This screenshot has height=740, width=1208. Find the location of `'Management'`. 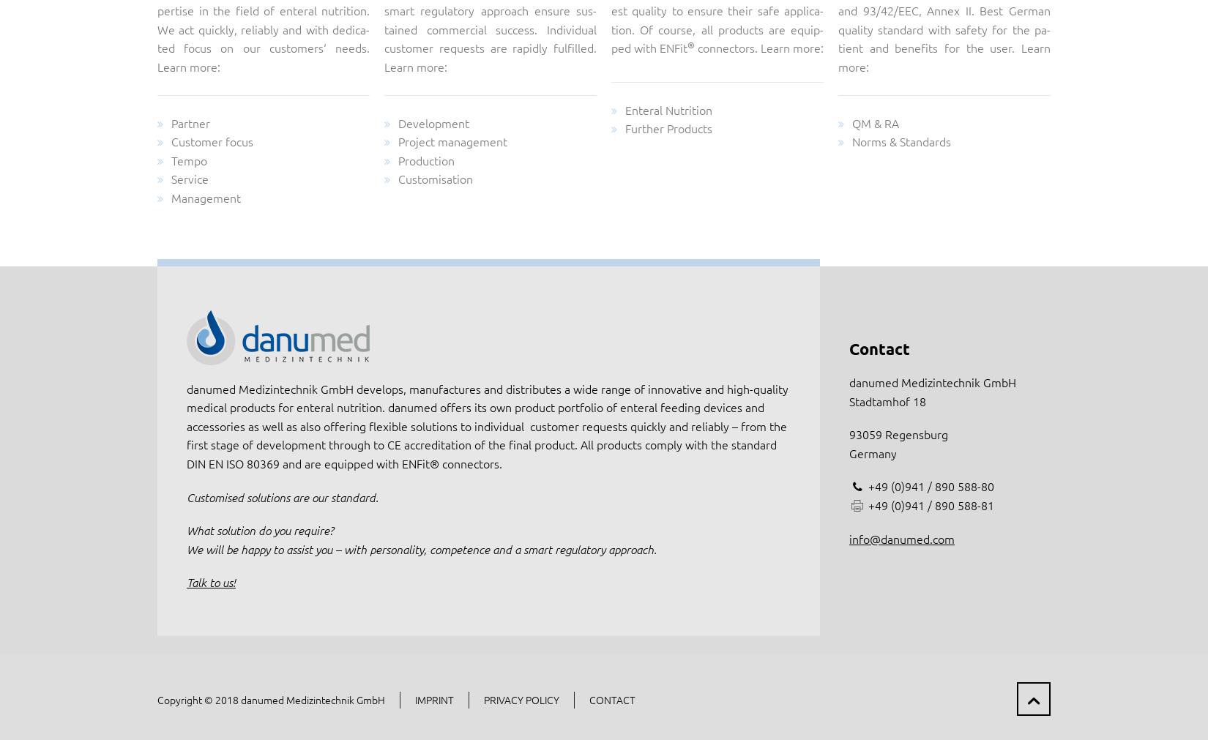

'Management' is located at coordinates (206, 198).